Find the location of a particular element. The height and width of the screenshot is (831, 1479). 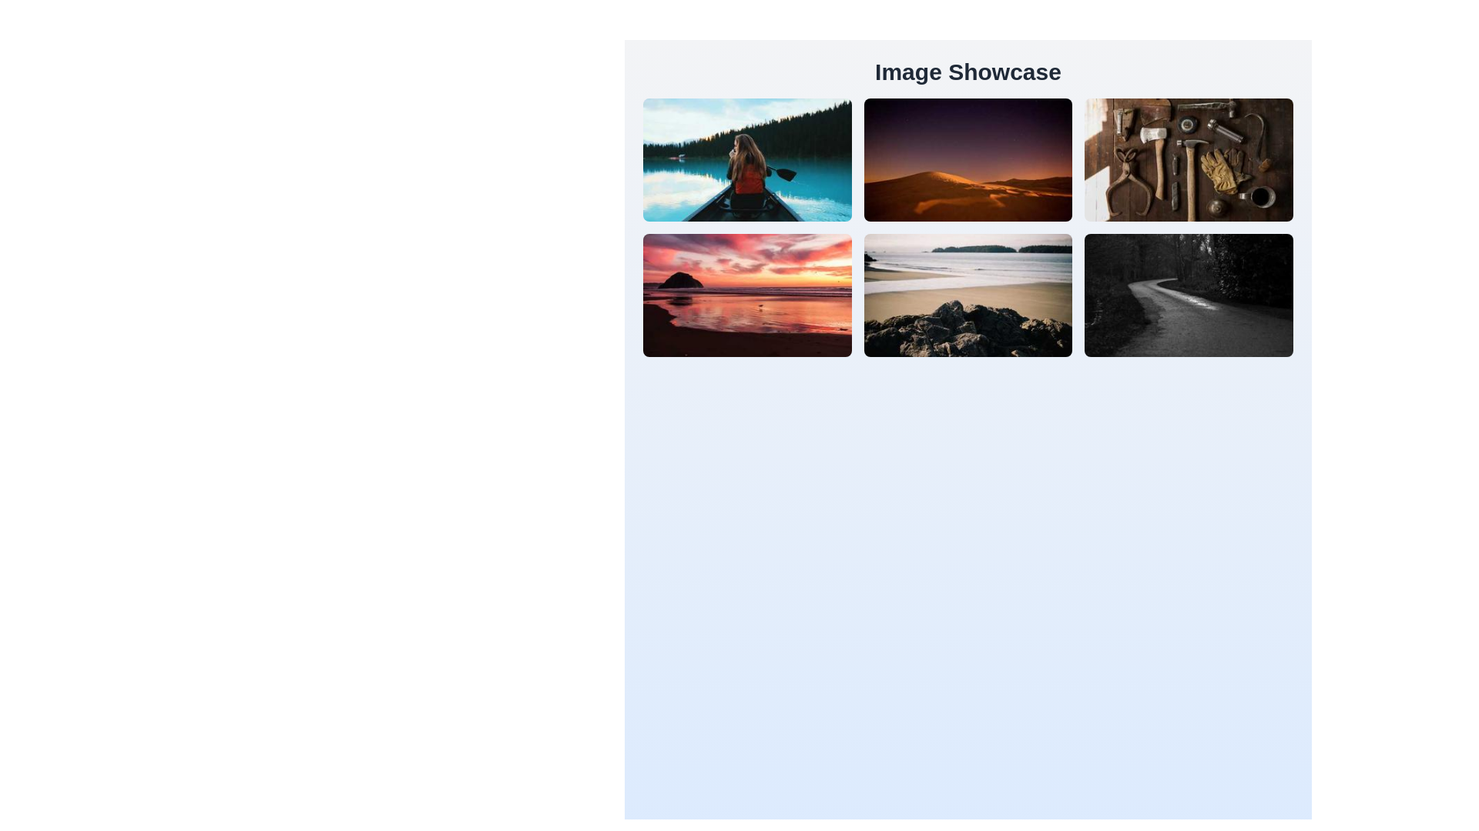

first image in the grid, which exhibits a scaling hover animation, by opening developer tools is located at coordinates (747, 160).